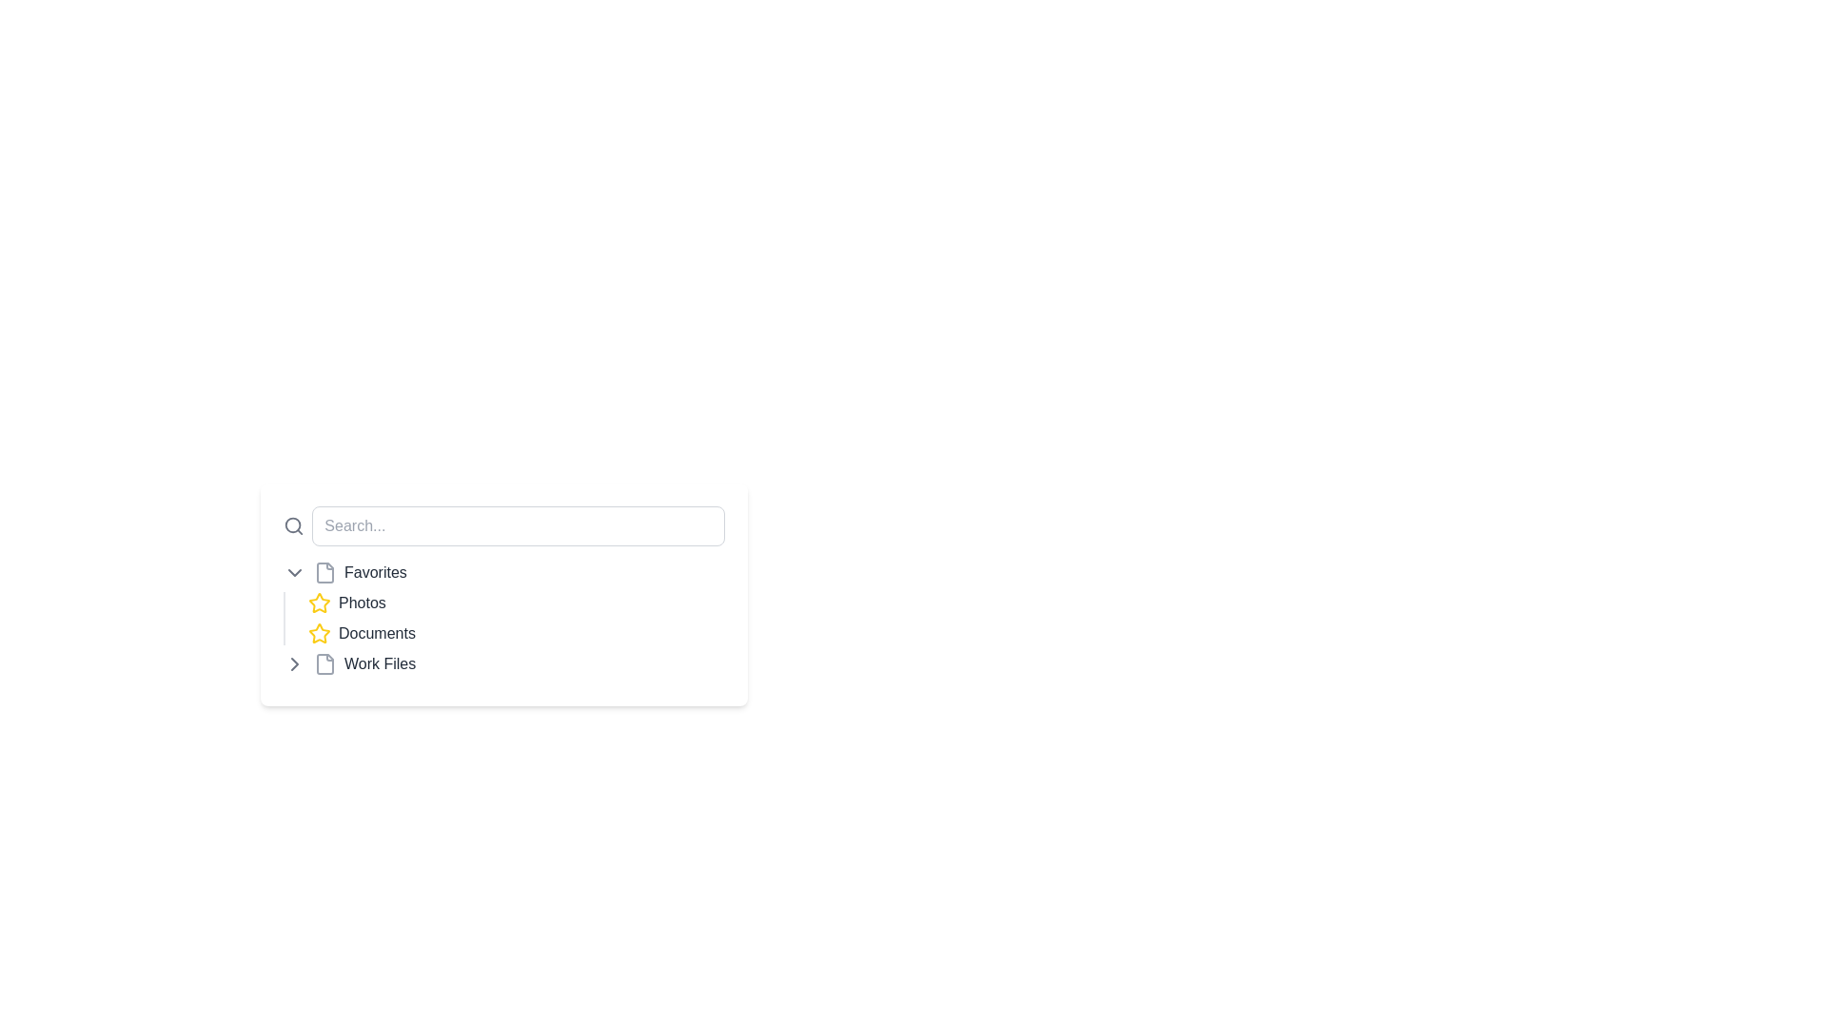 The image size is (1827, 1028). Describe the element at coordinates (292, 525) in the screenshot. I see `the circular decorative element at the center of the magnifying glass within the search bar` at that location.